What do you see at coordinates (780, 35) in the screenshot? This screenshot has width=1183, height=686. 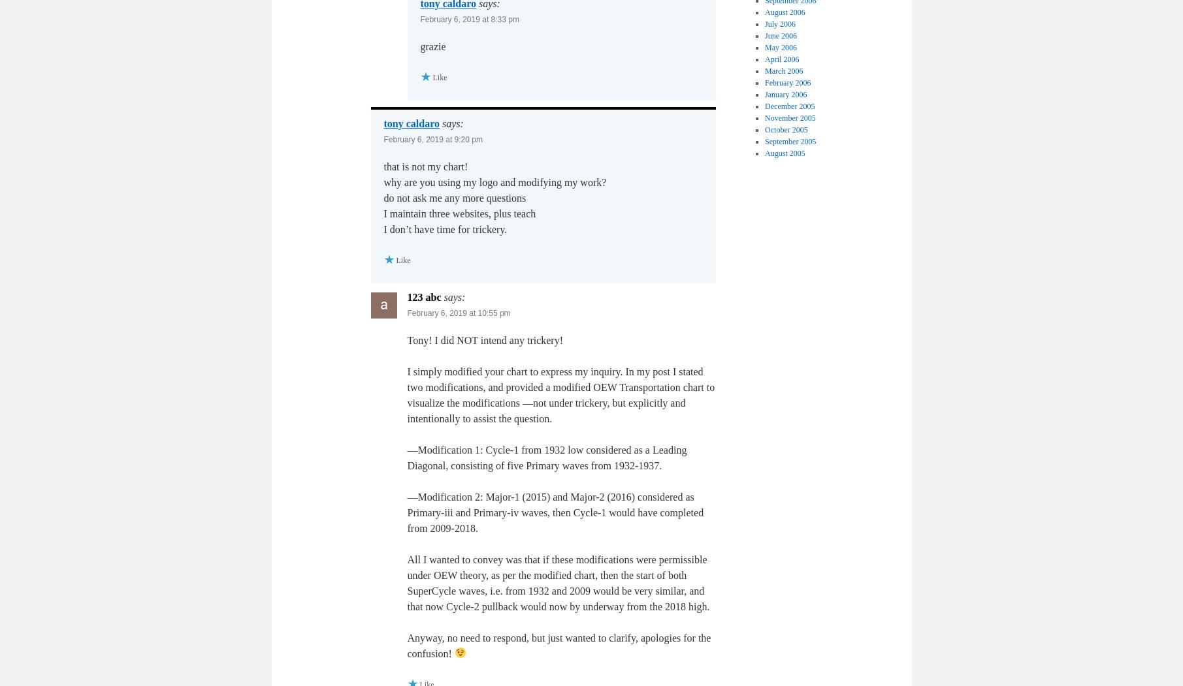 I see `'June 2006'` at bounding box center [780, 35].